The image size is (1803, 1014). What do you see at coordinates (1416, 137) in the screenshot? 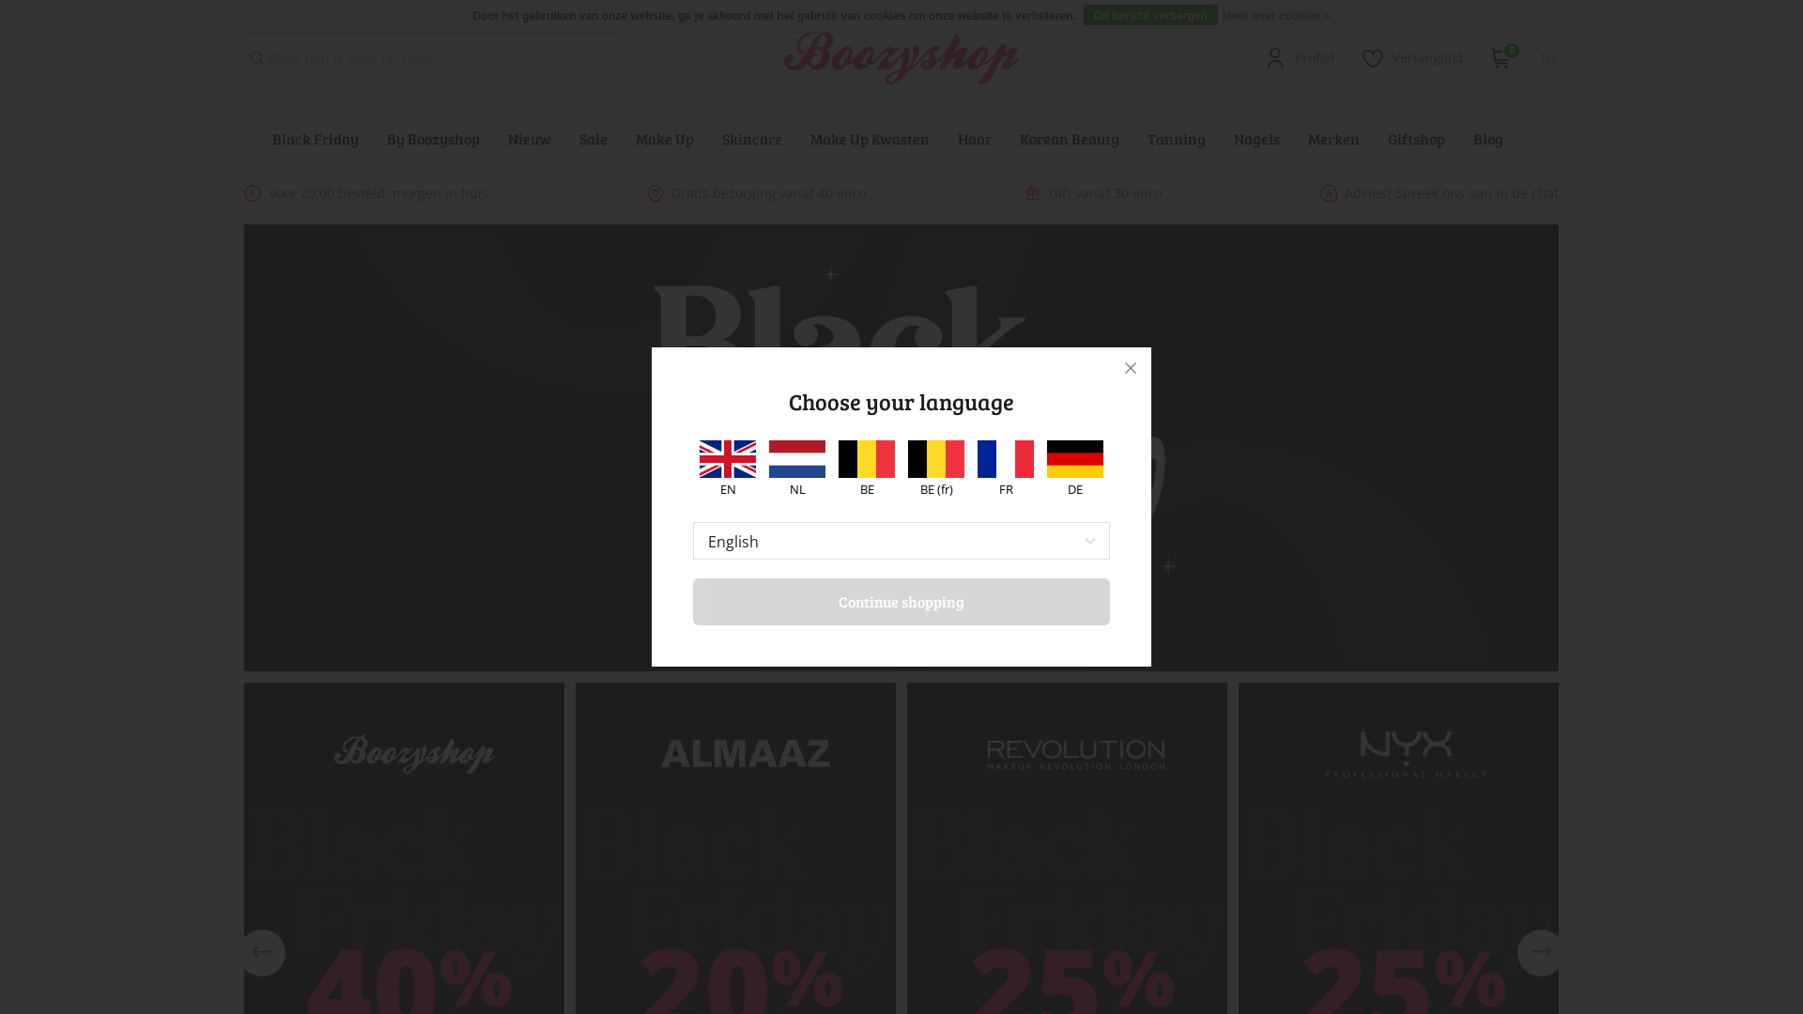
I see `'Giftshop'` at bounding box center [1416, 137].